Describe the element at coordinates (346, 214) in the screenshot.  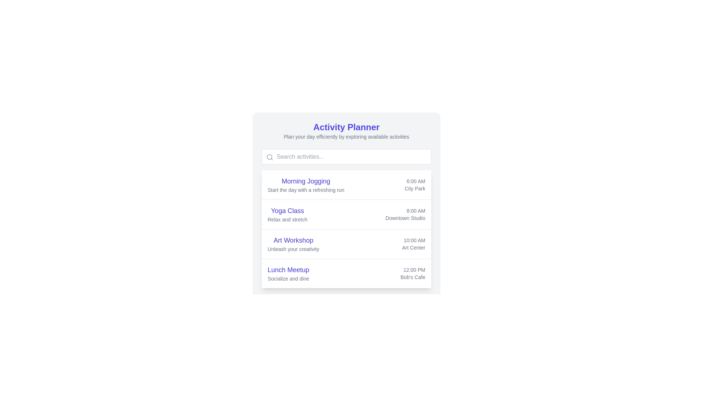
I see `keyboard navigation` at that location.